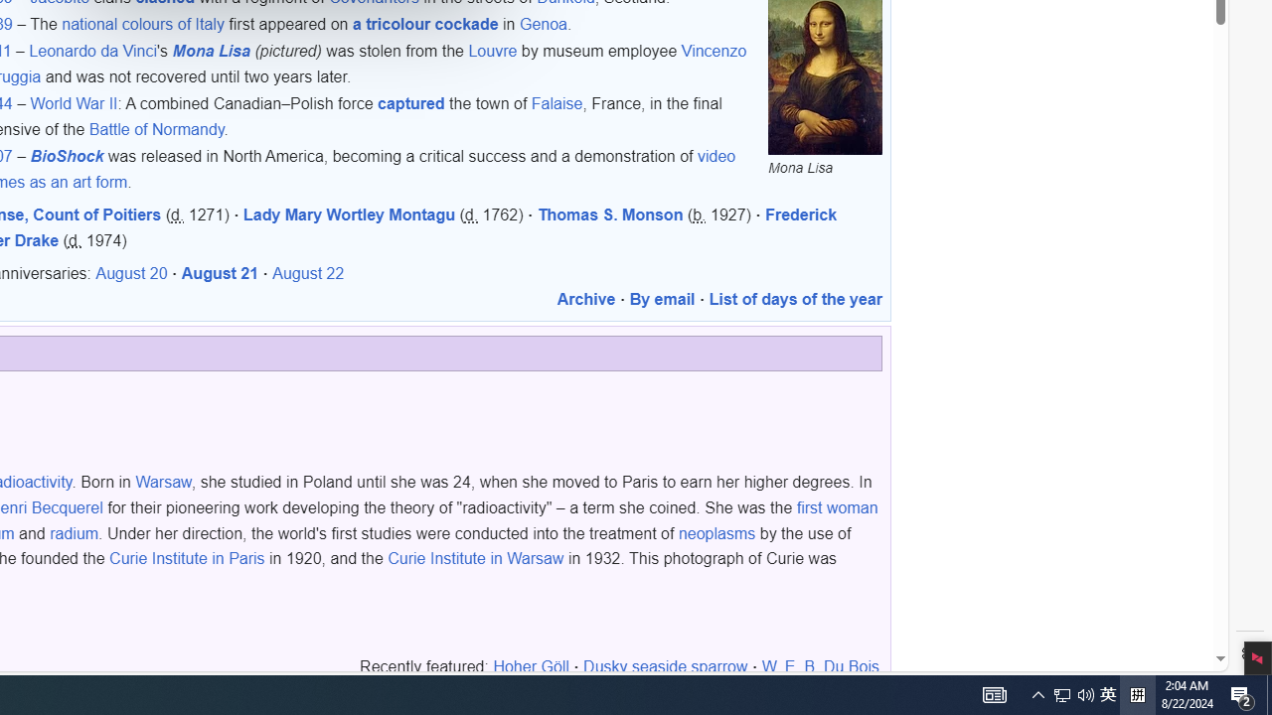 The image size is (1272, 715). I want to click on 'Curie Institute in Warsaw', so click(475, 558).